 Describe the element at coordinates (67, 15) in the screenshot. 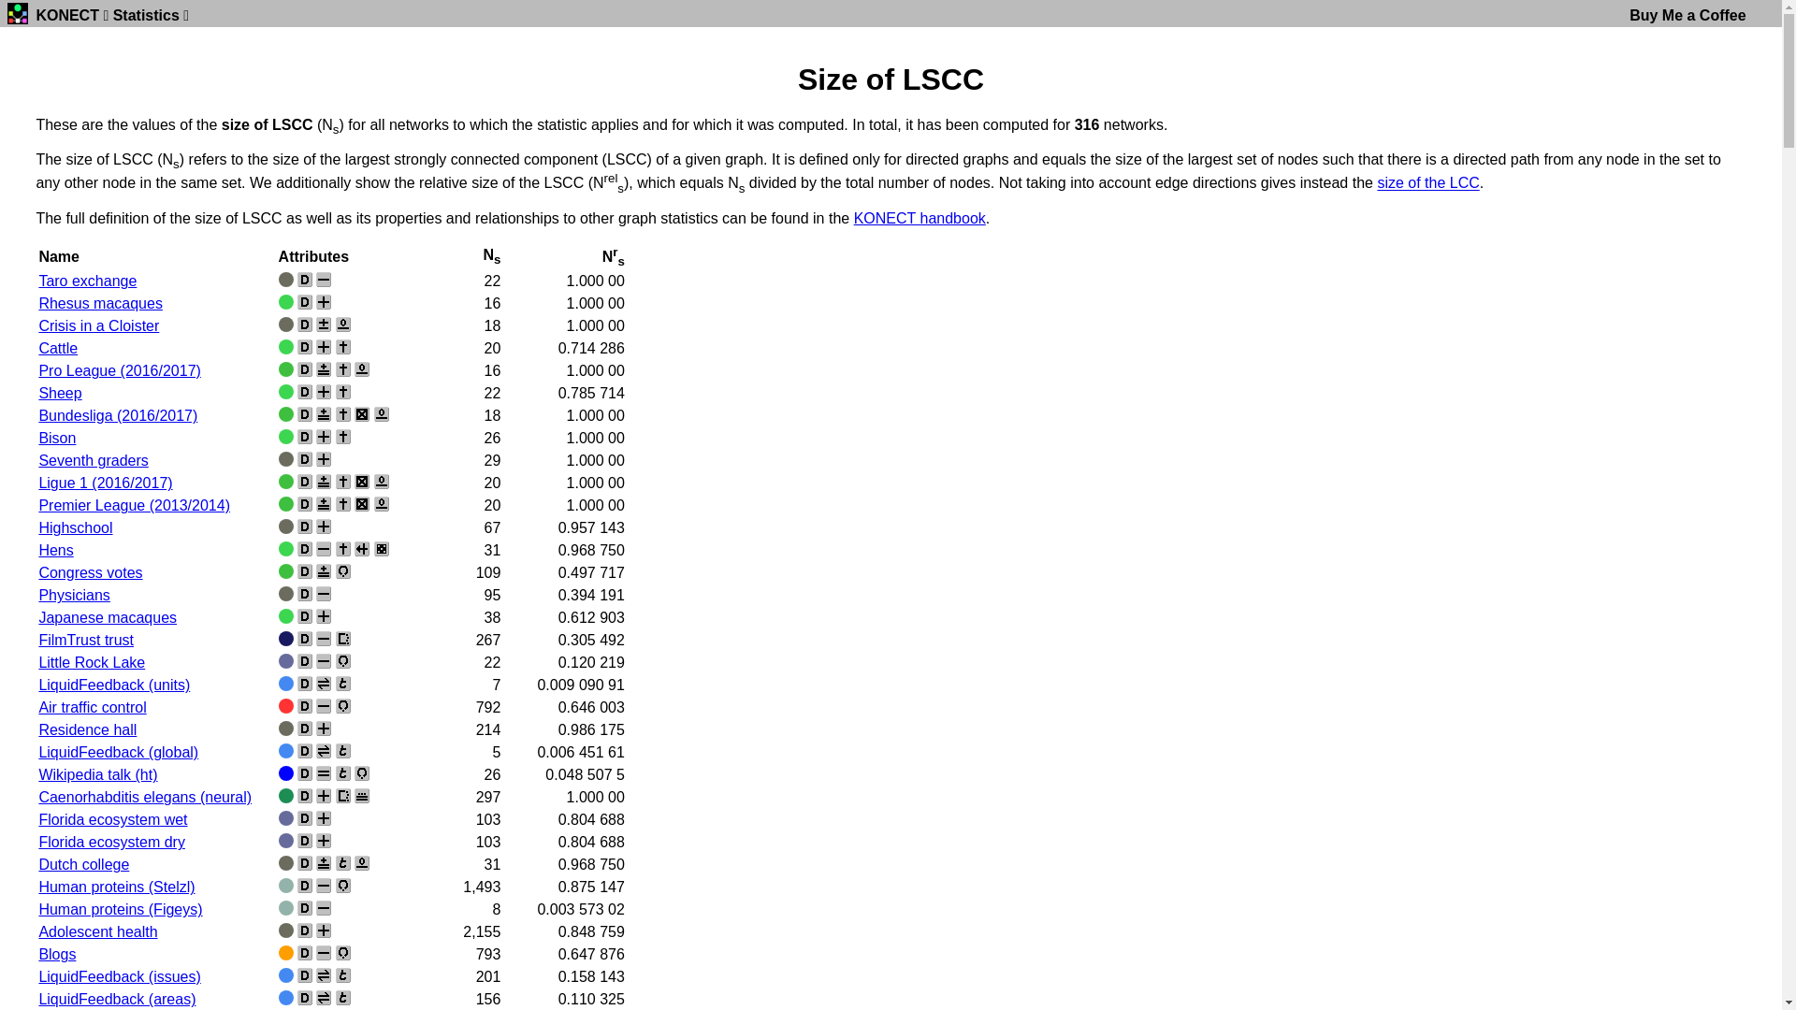

I see `'KONECT'` at that location.